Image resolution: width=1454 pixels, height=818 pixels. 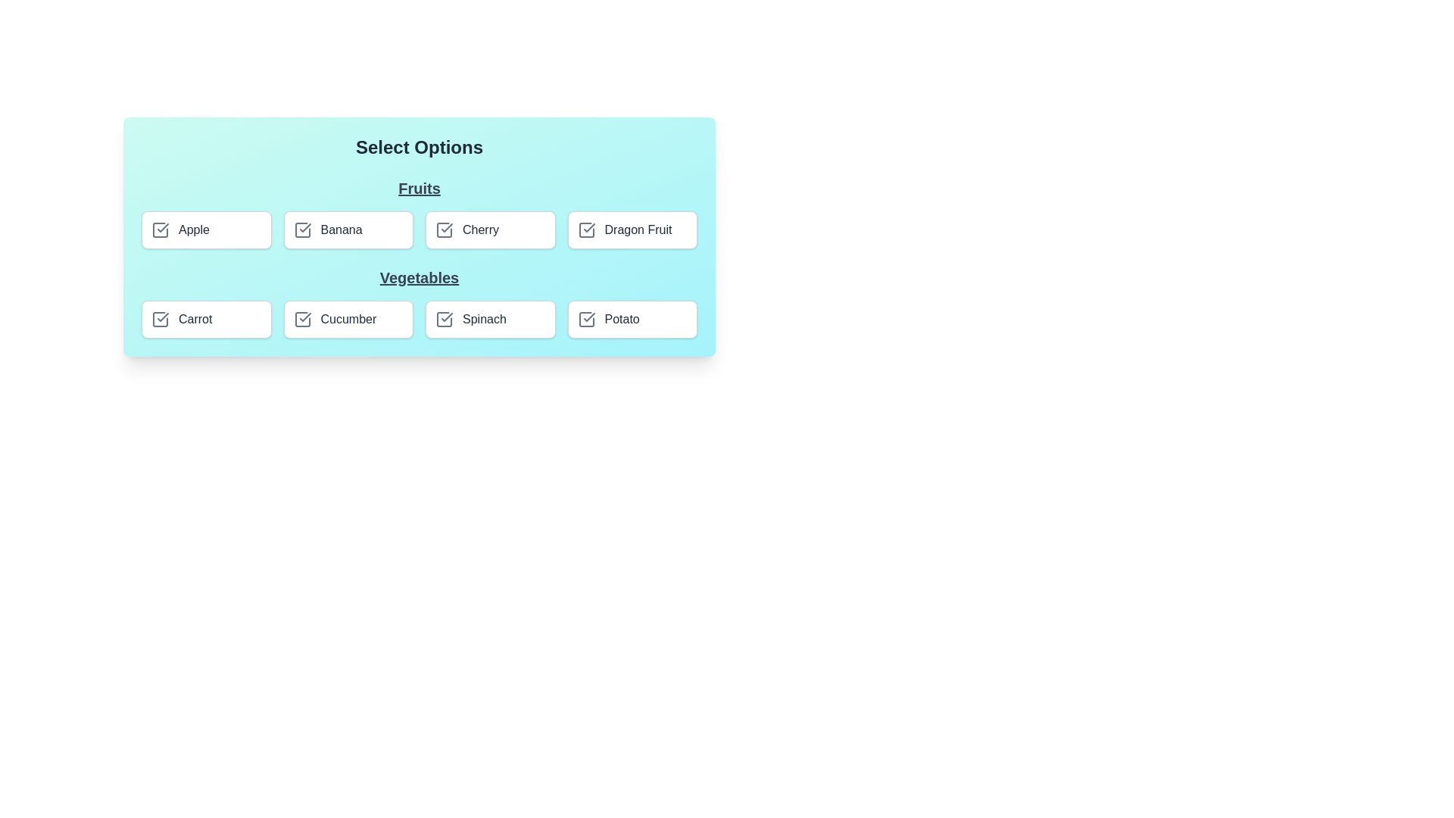 What do you see at coordinates (585, 230) in the screenshot?
I see `the SVG graphical element that indicates the selected state of the 'Dragon Fruit' checkbox, located at the top right corner of the checkbox` at bounding box center [585, 230].